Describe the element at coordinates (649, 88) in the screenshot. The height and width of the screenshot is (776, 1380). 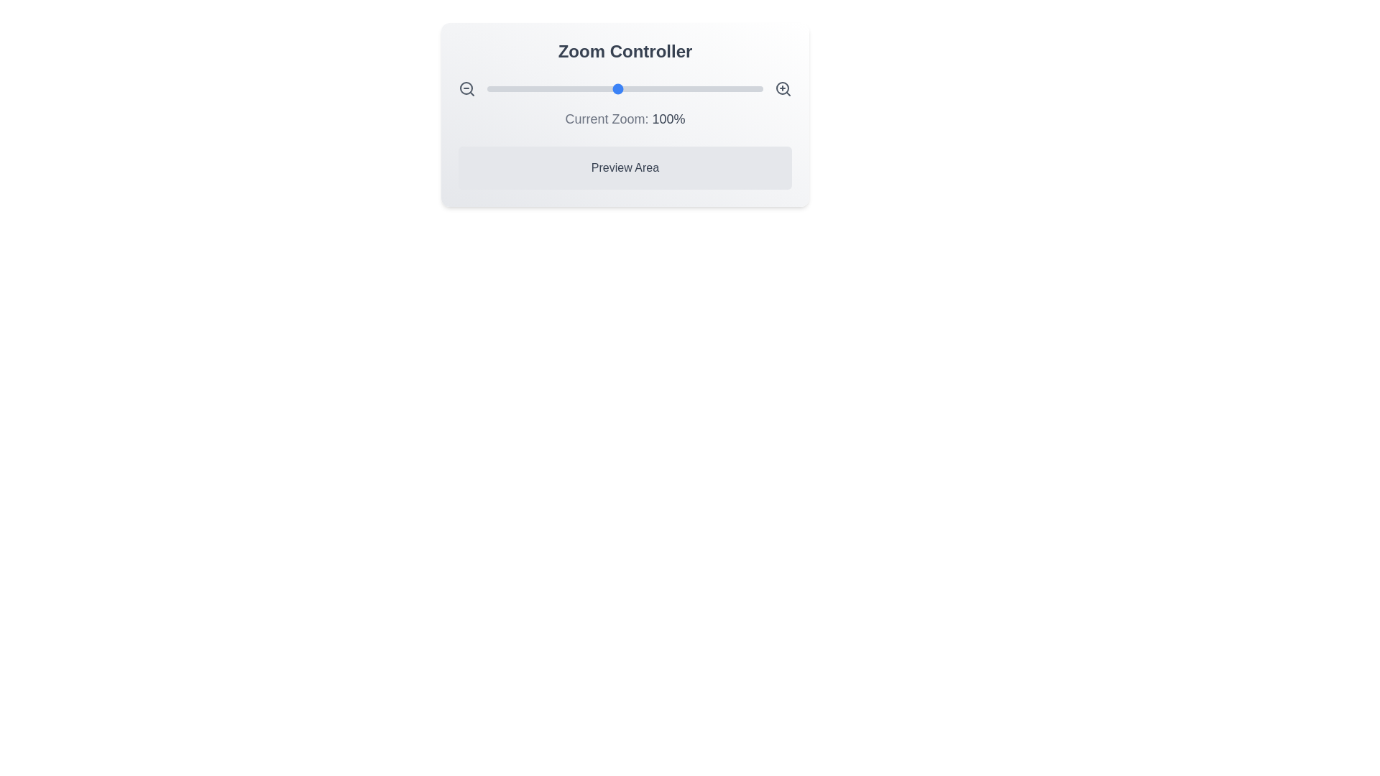
I see `the zoom slider to set the zoom level to 122` at that location.